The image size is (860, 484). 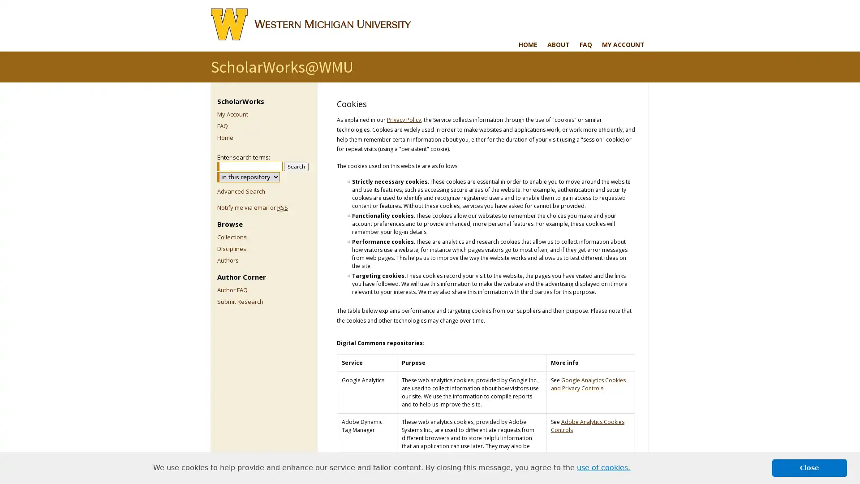 I want to click on Search, so click(x=296, y=167).